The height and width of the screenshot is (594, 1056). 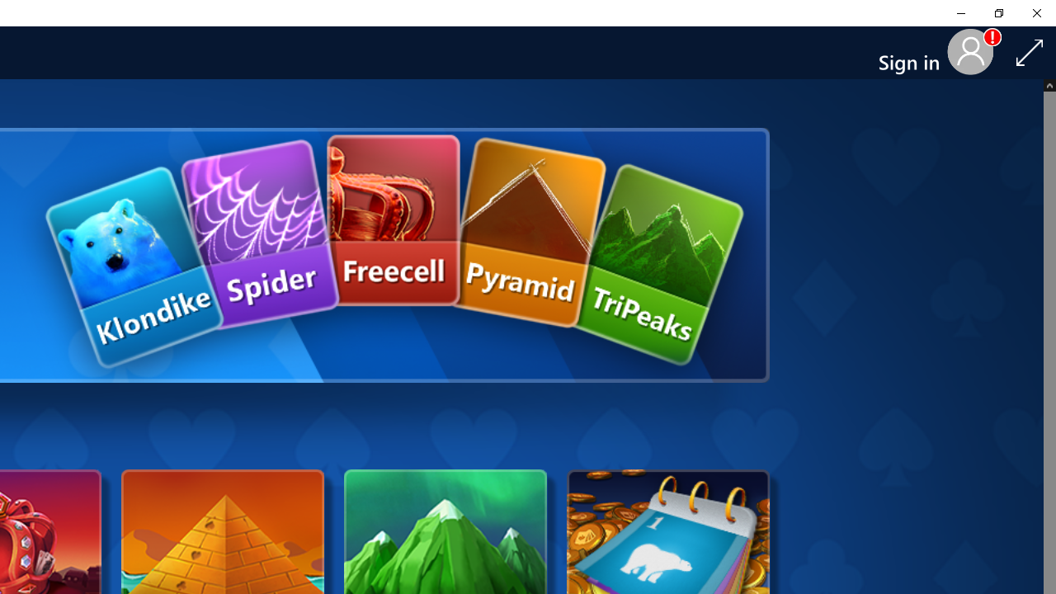 I want to click on 'Minimize Solitaire & Casual Games', so click(x=960, y=12).